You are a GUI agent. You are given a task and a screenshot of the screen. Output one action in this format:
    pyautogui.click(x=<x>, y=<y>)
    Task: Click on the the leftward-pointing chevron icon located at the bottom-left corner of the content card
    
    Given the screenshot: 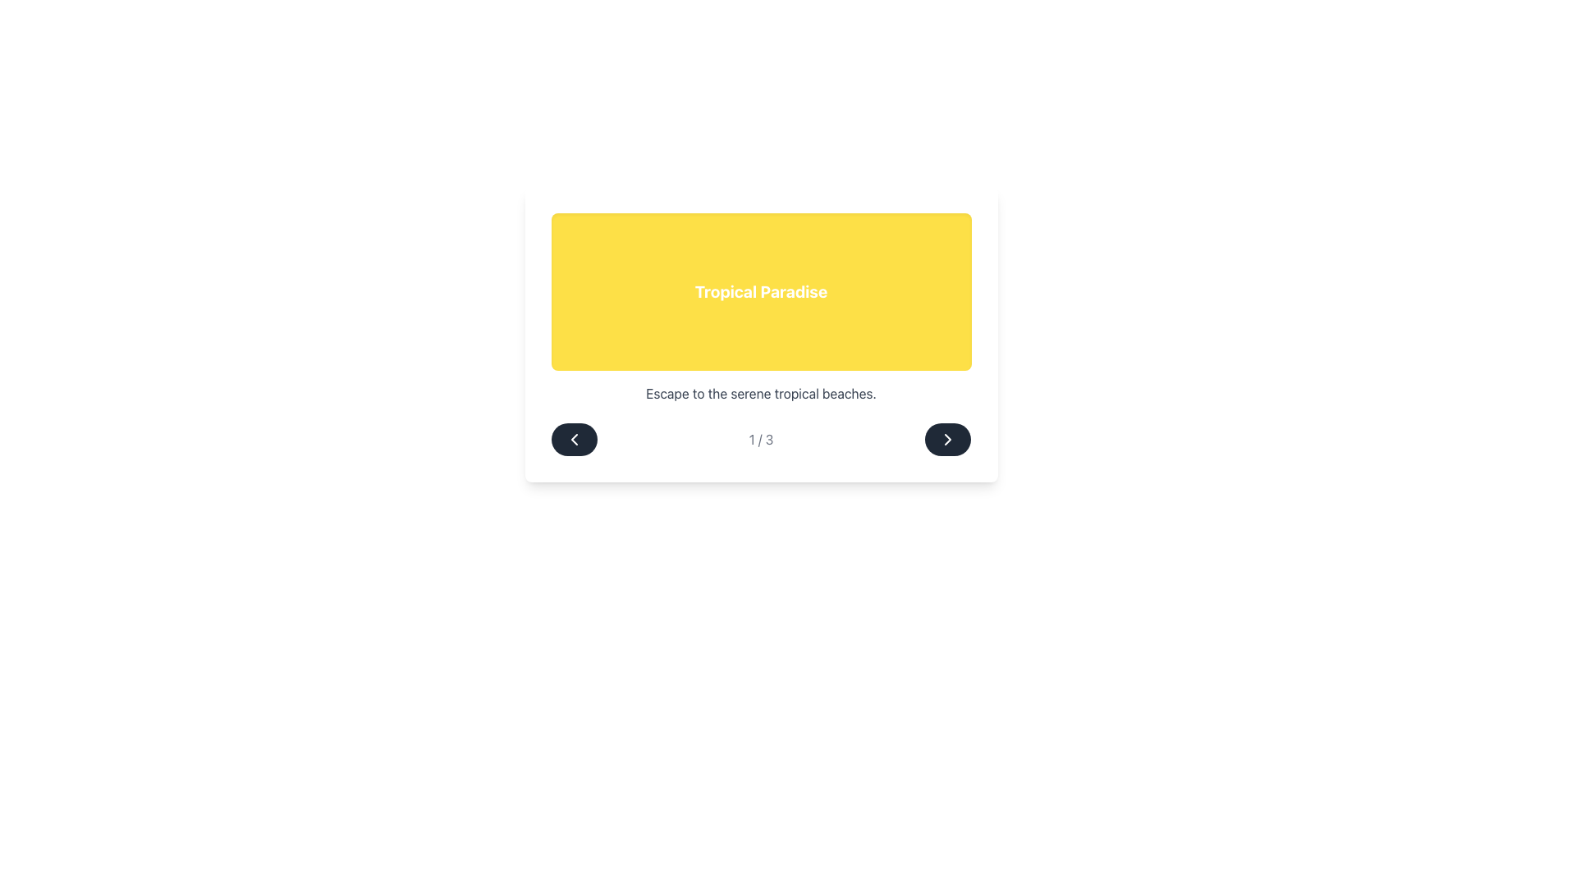 What is the action you would take?
    pyautogui.click(x=574, y=439)
    